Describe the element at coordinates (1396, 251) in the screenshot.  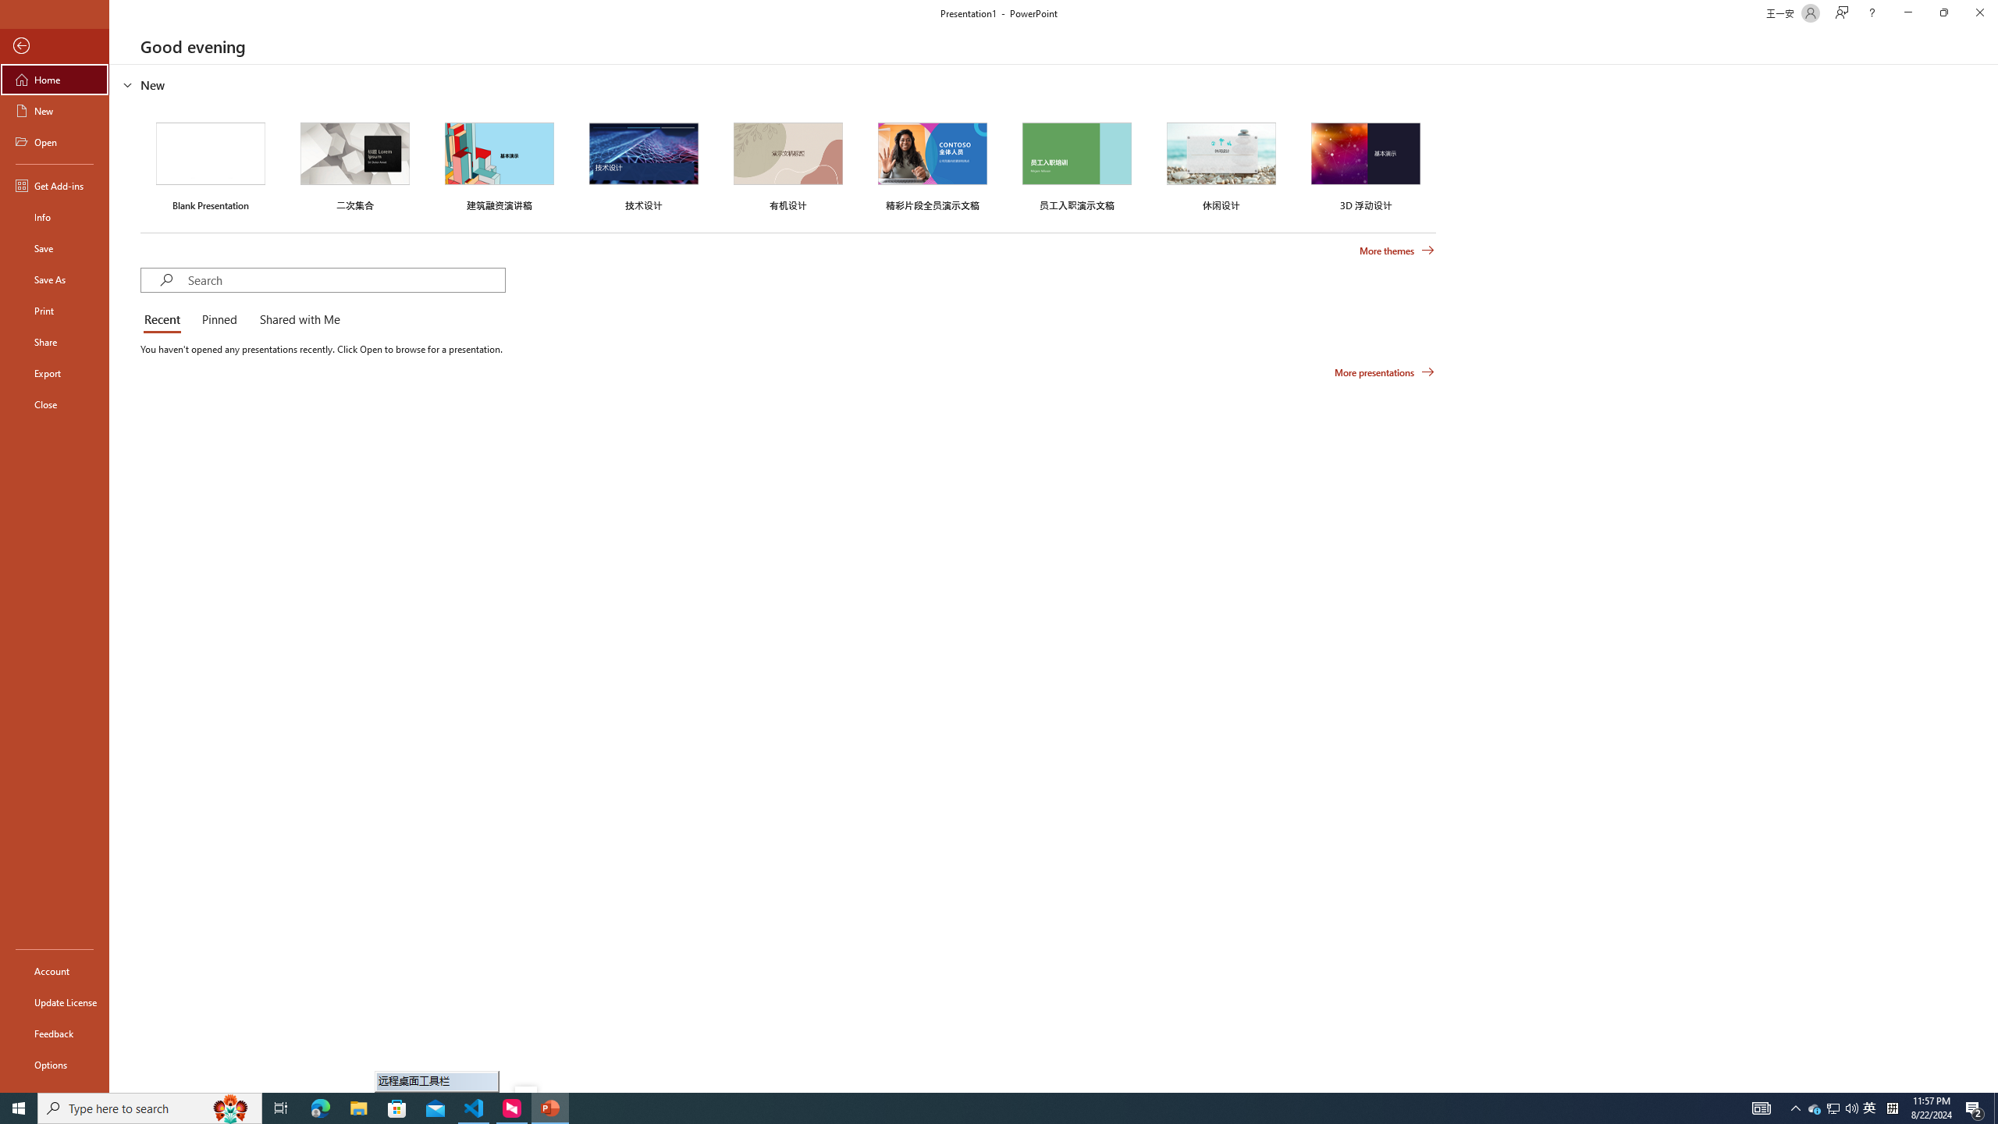
I see `'More themes'` at that location.